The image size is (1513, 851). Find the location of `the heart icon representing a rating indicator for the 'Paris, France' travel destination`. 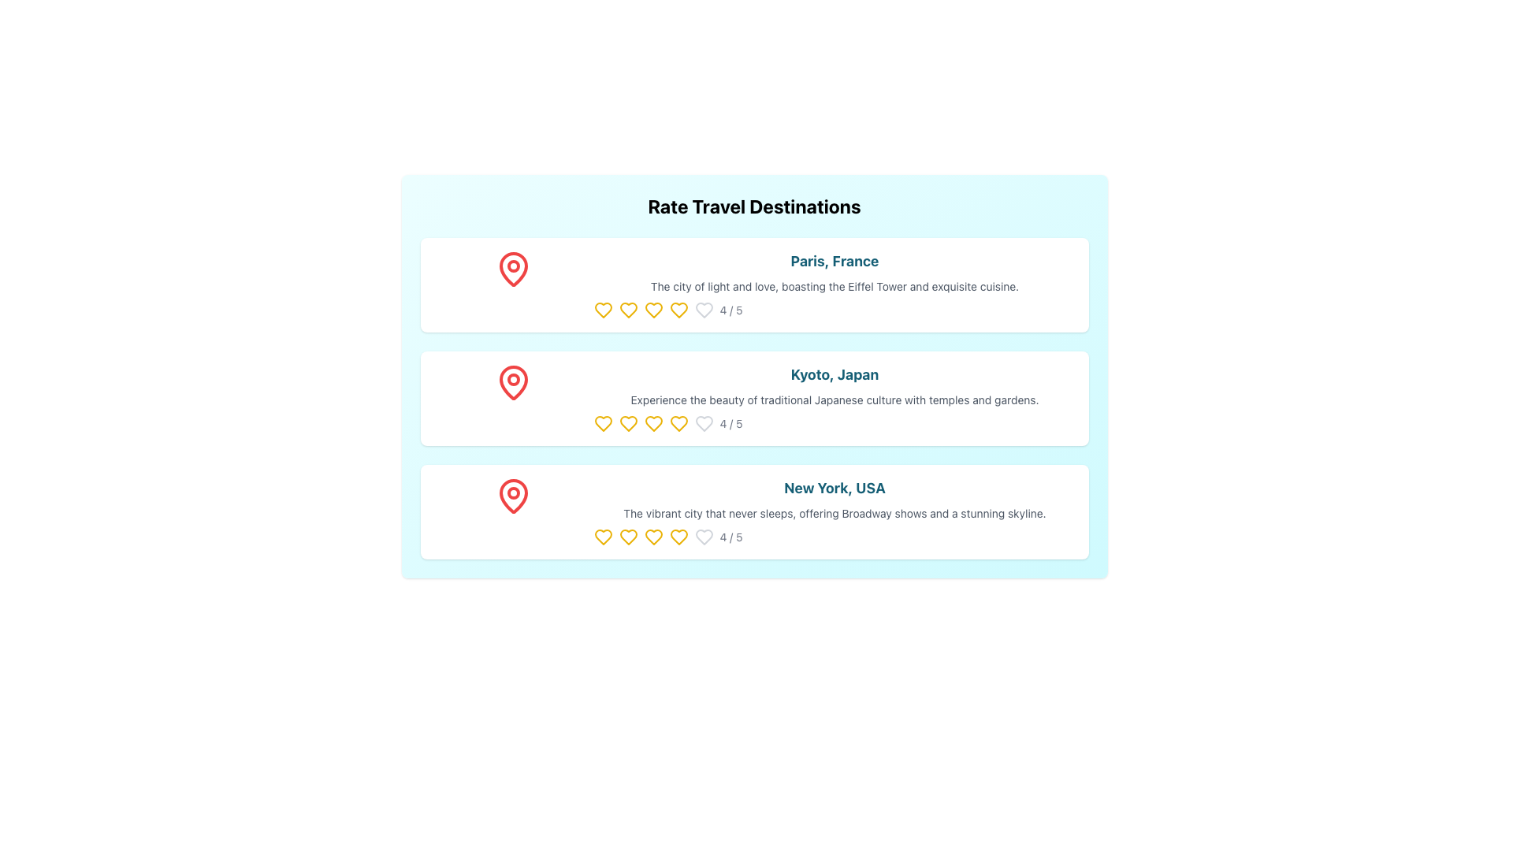

the heart icon representing a rating indicator for the 'Paris, France' travel destination is located at coordinates (627, 310).